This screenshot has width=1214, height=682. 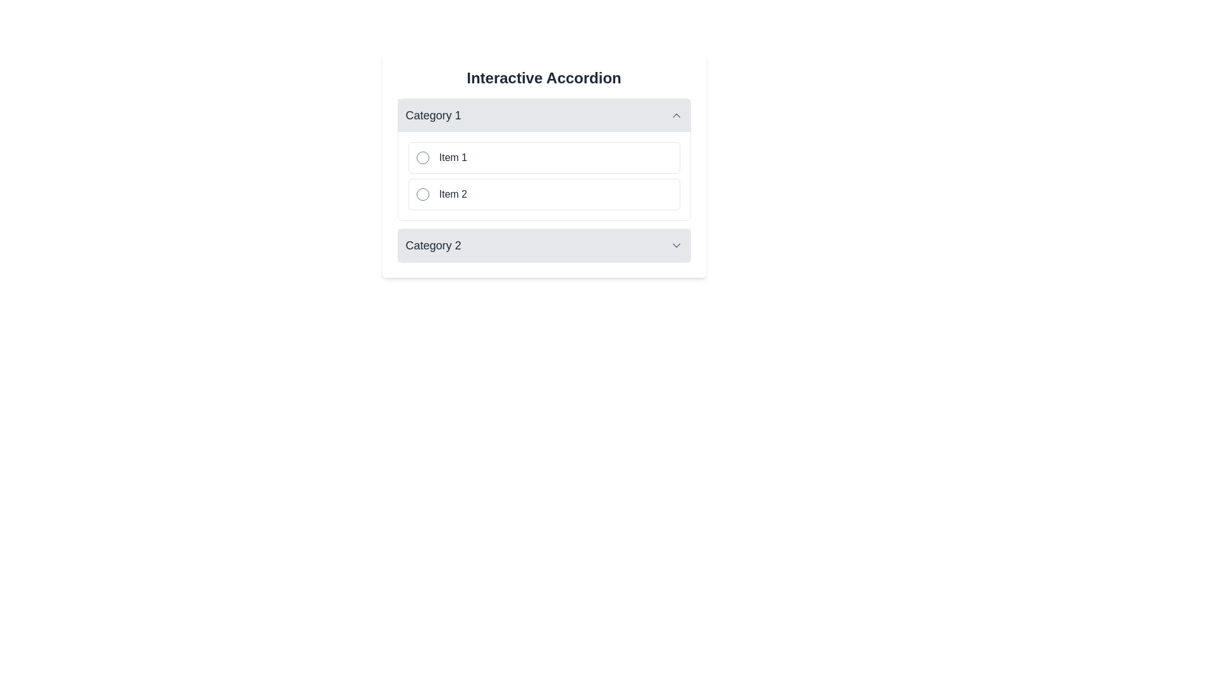 What do you see at coordinates (433, 115) in the screenshot?
I see `value of the Label text that indicates the category name for the collapsible section of the accordion, positioned to the left of the upward-facing chevron icon` at bounding box center [433, 115].